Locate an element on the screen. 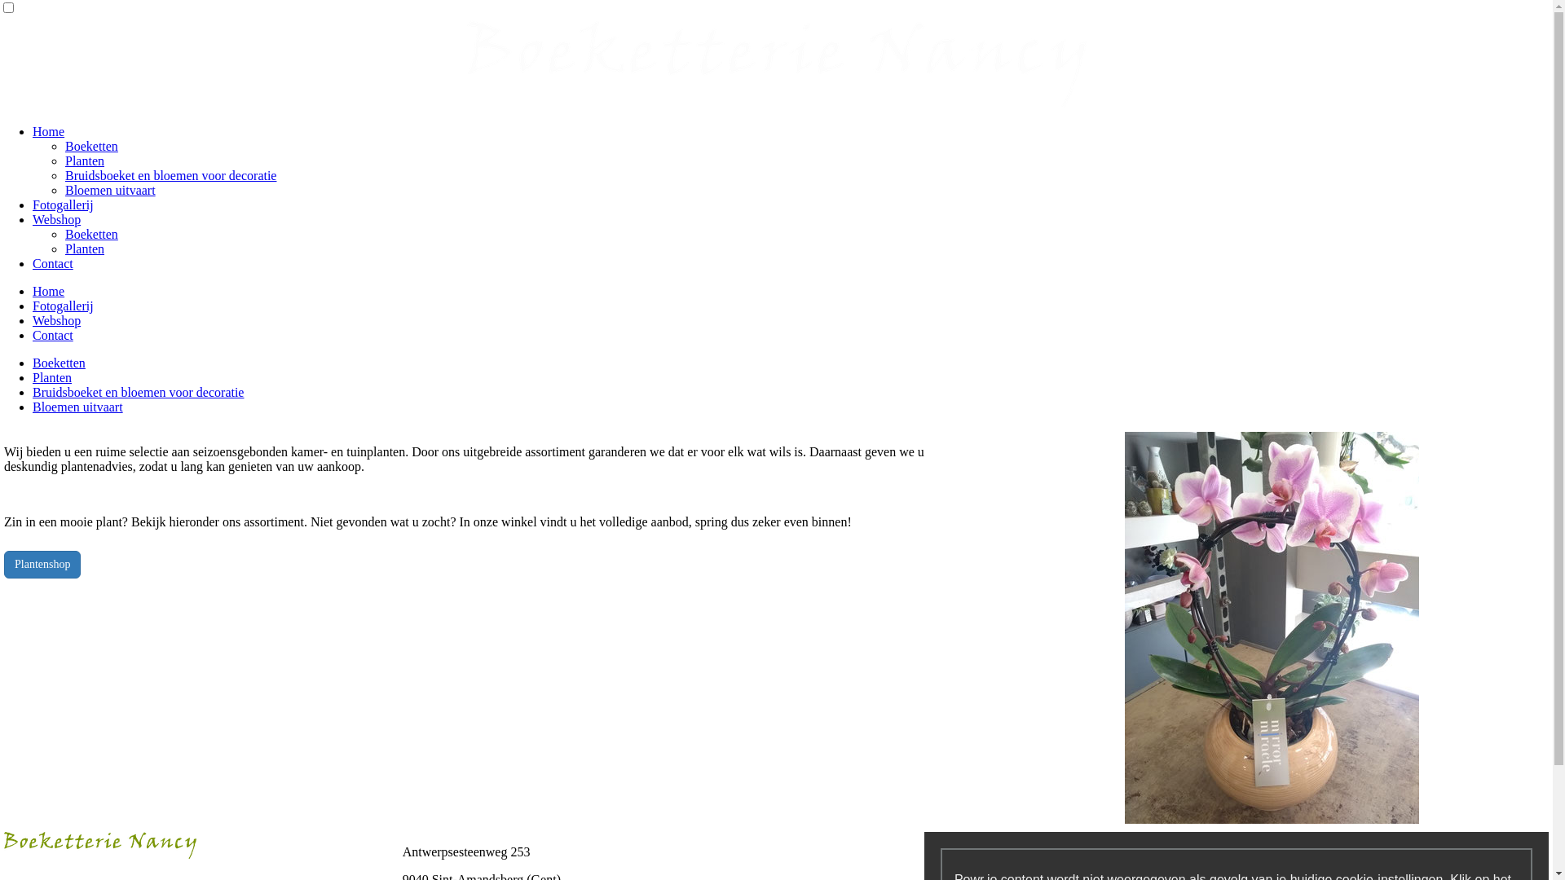 This screenshot has height=880, width=1565. 'Bloemen uitvaart' is located at coordinates (32, 406).